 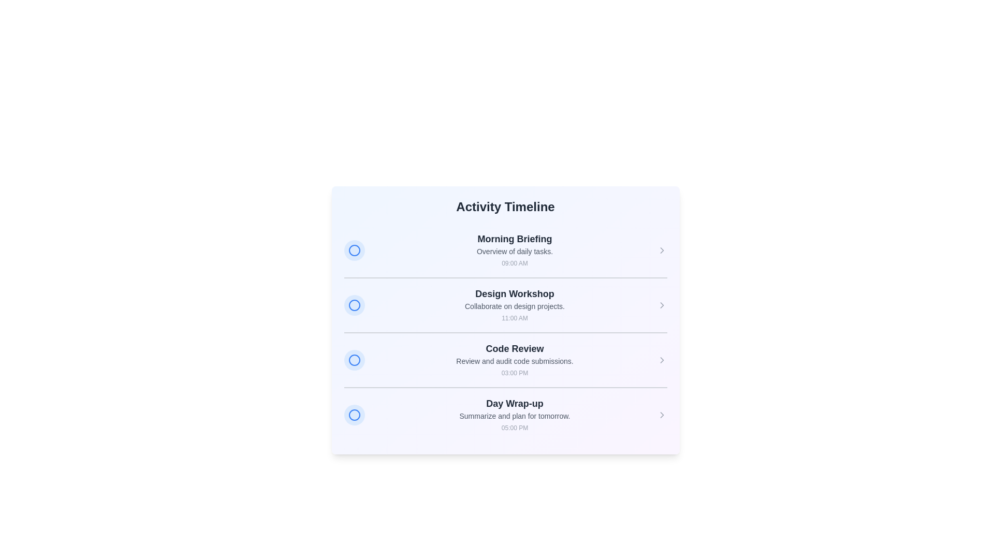 What do you see at coordinates (661, 305) in the screenshot?
I see `the minimalist gray chevron icon pointing to the right, located at the far right side of the 'Design Workshop' list entry` at bounding box center [661, 305].